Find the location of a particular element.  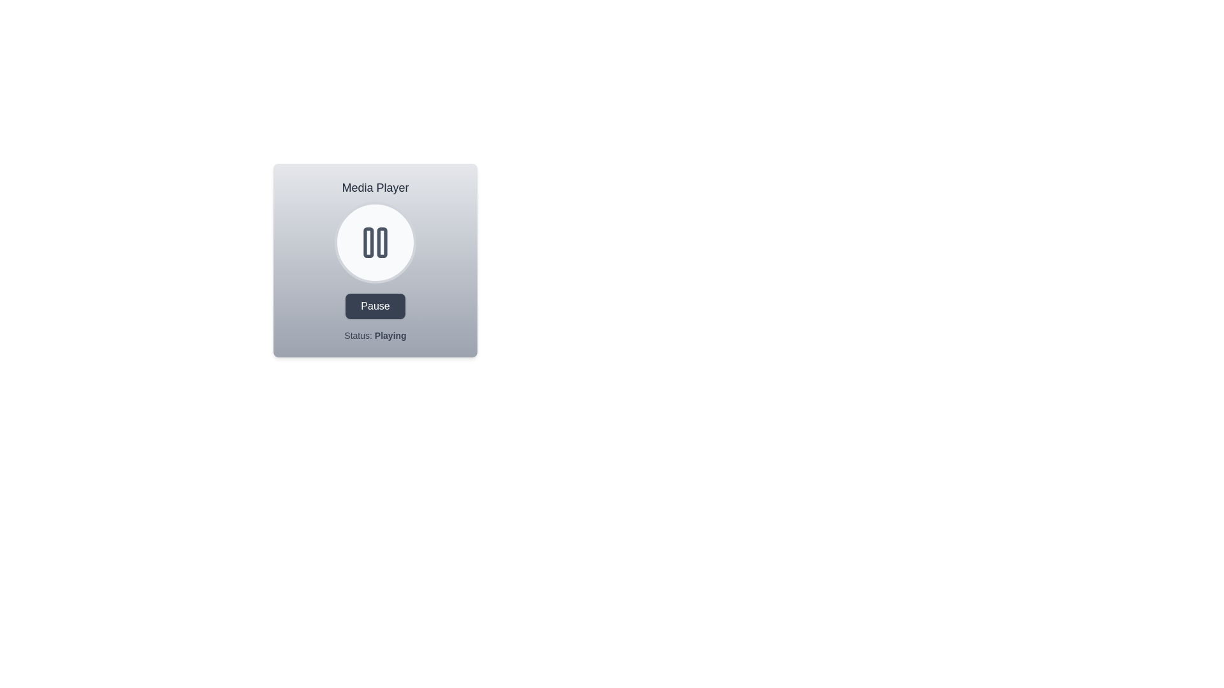

the circular play/pause button to toggle the play state is located at coordinates (375, 243).